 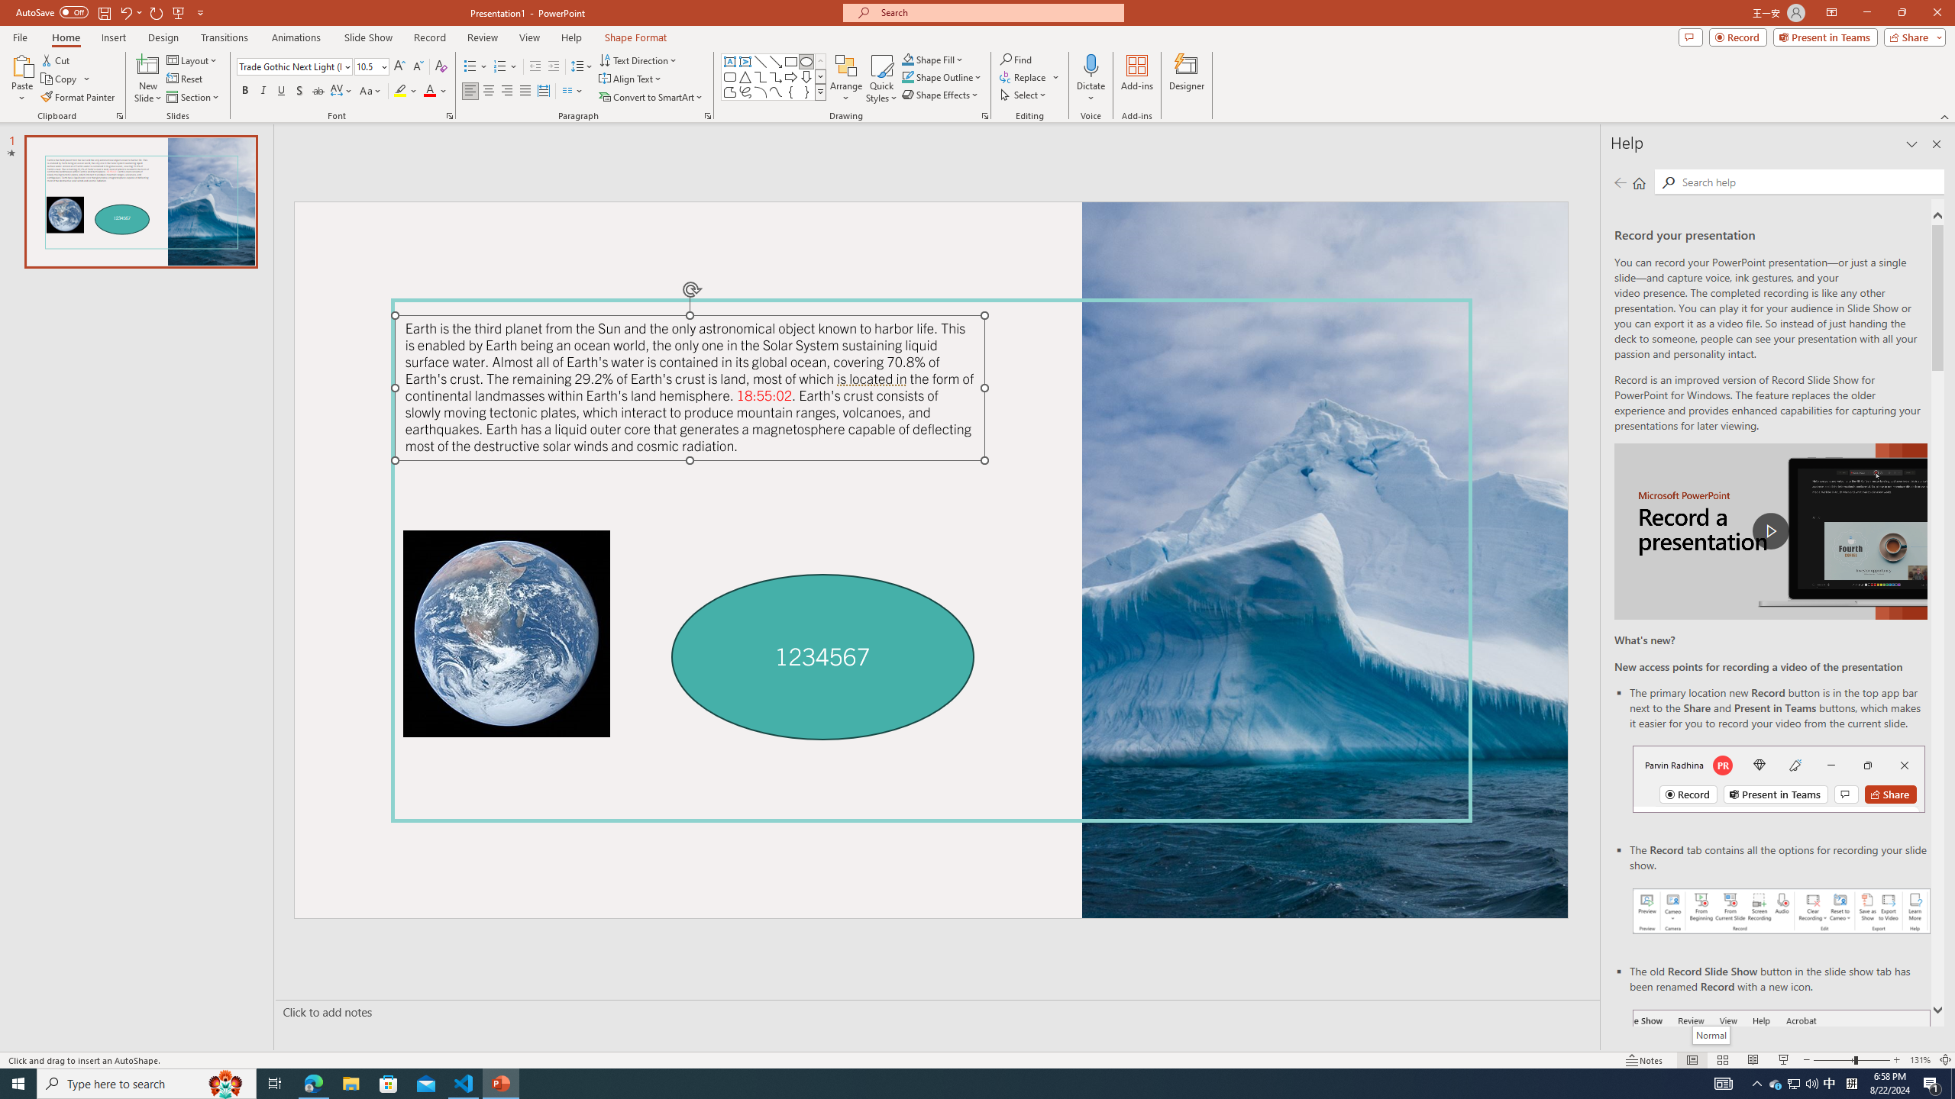 I want to click on 'Record your presentations screenshot one', so click(x=1781, y=910).